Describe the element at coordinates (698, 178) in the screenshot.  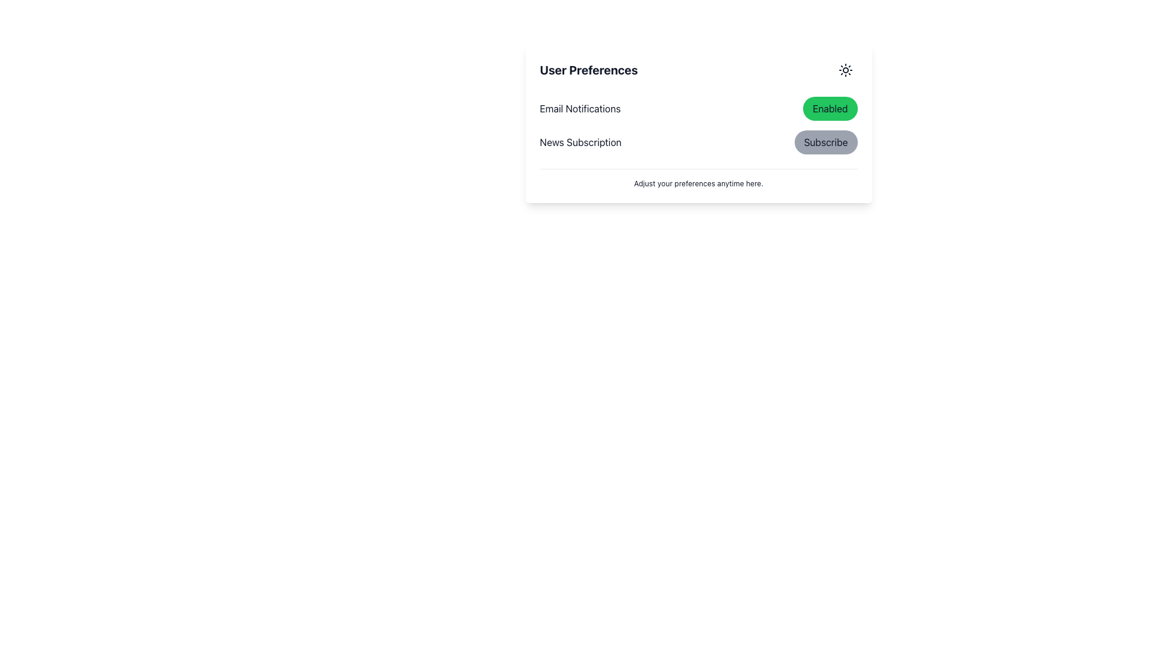
I see `the static text that says 'Adjust your preferences anytime here.' located at the bottom of the 'User Preferences' panel` at that location.